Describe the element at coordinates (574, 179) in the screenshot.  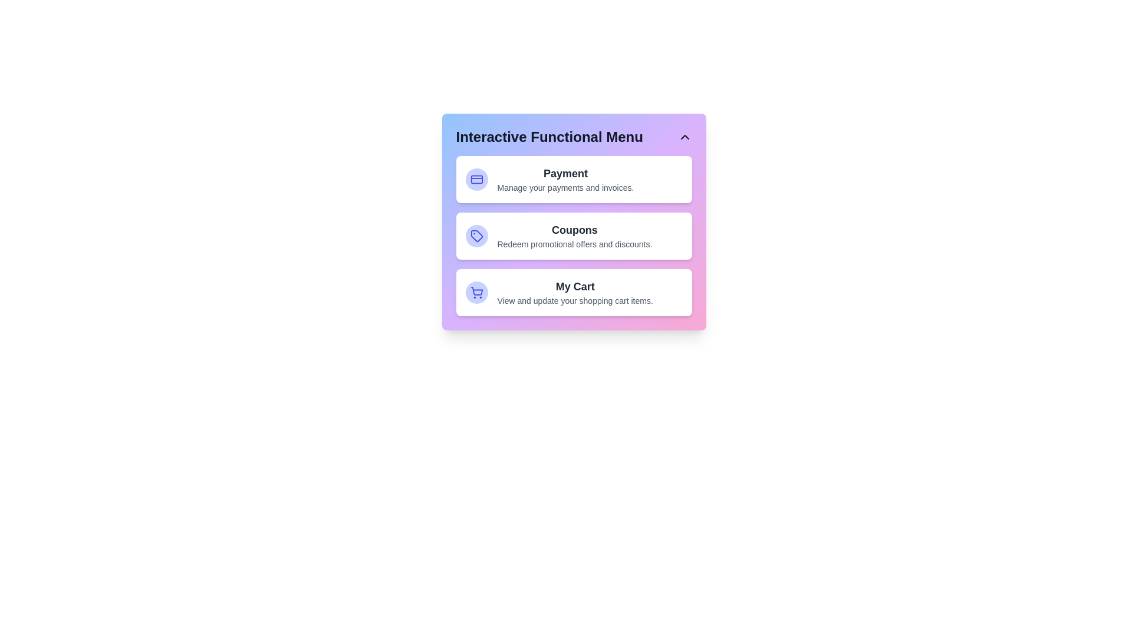
I see `the menu item Payment to view its hover effect` at that location.